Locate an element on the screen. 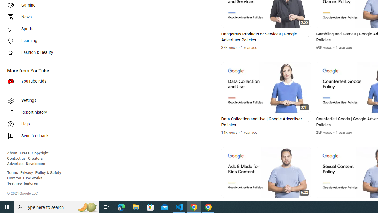 The image size is (378, 213). 'Developers' is located at coordinates (35, 164).